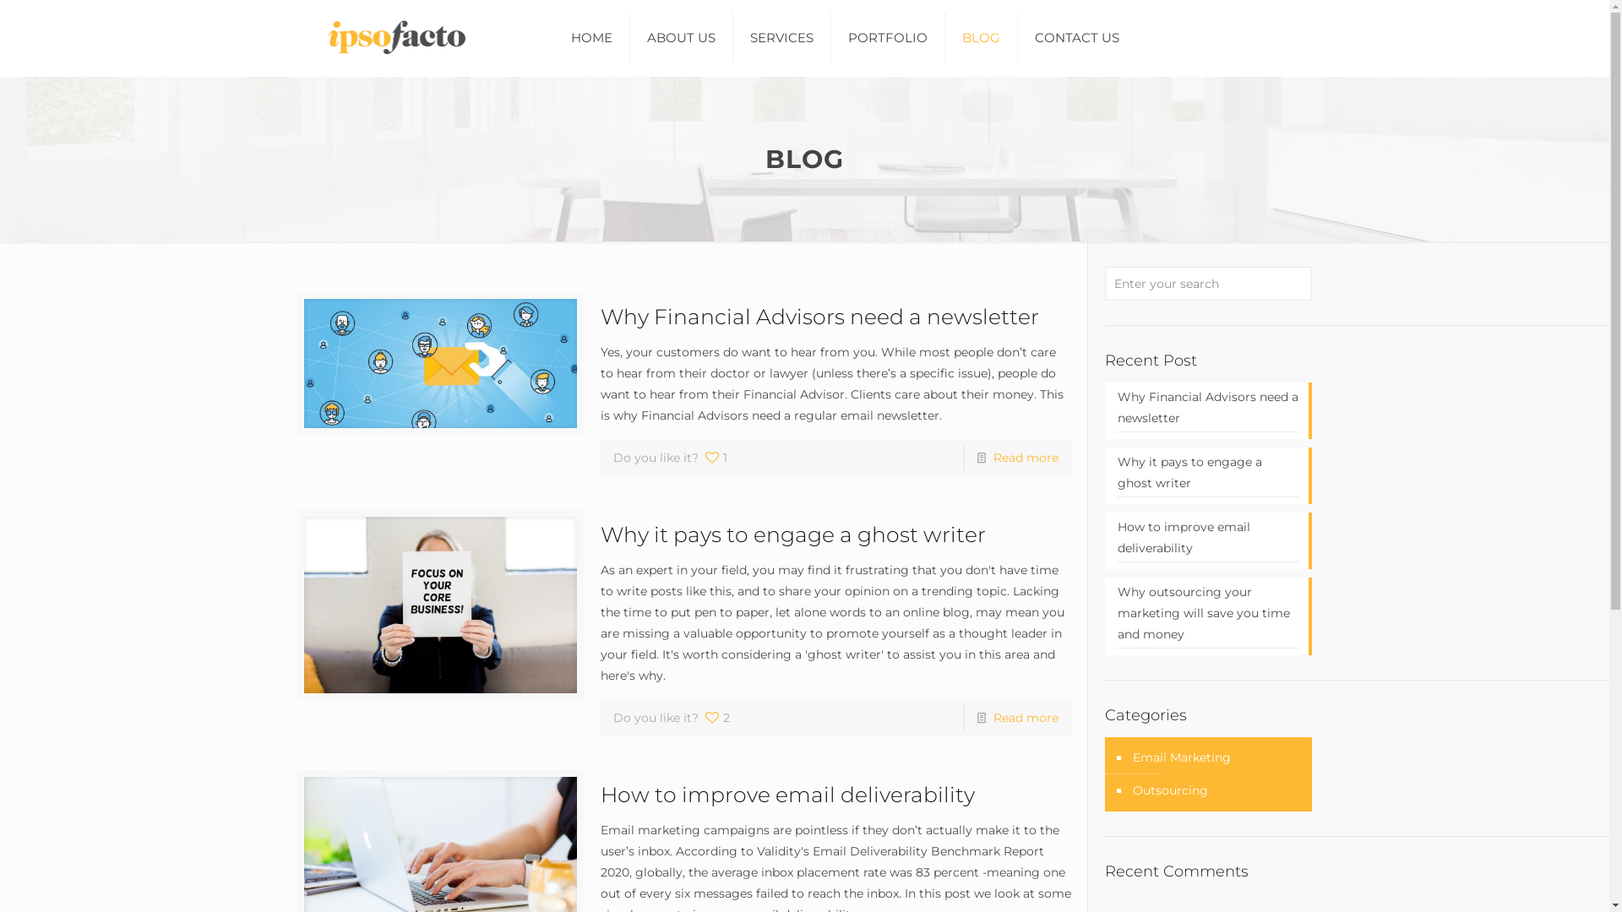 The height and width of the screenshot is (912, 1622). I want to click on 'SERVICES', so click(781, 38).